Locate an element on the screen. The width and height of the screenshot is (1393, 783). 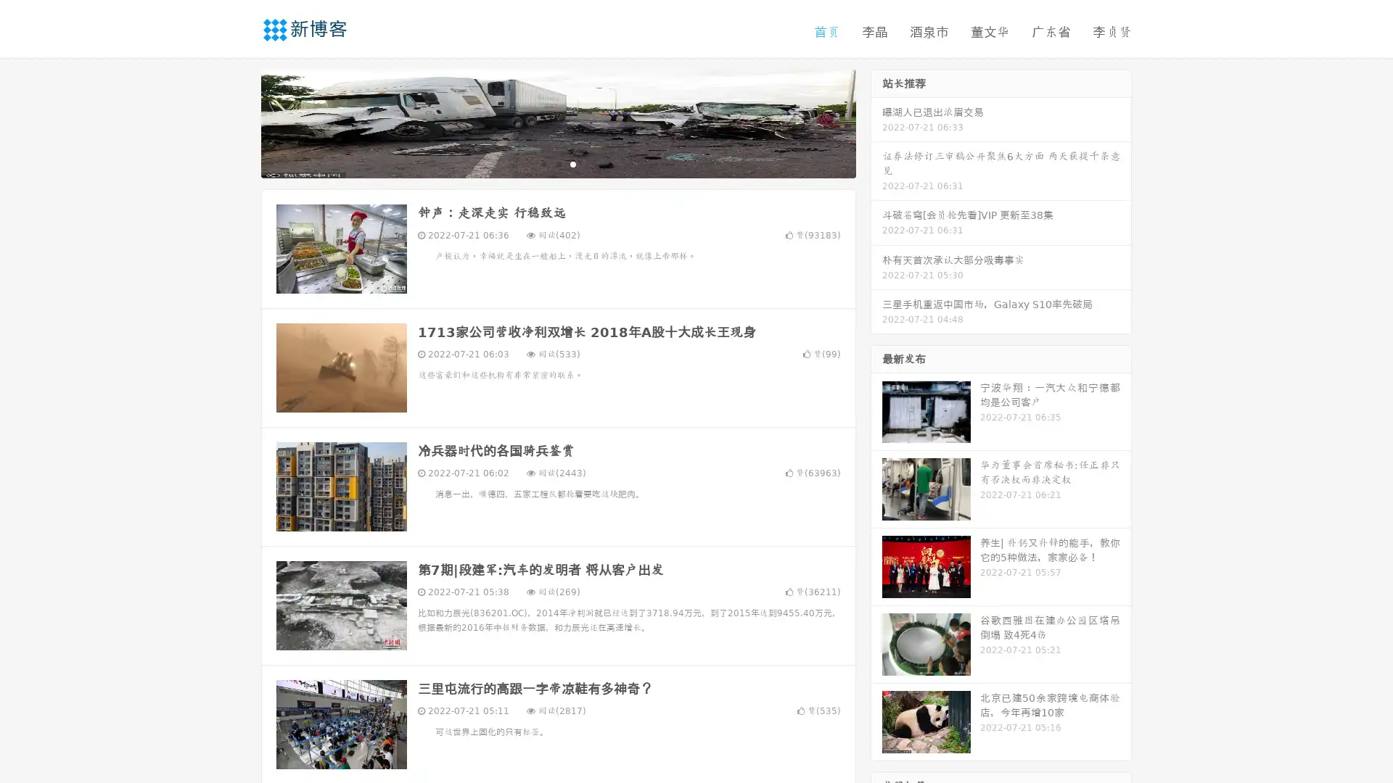
Previous slide is located at coordinates (239, 122).